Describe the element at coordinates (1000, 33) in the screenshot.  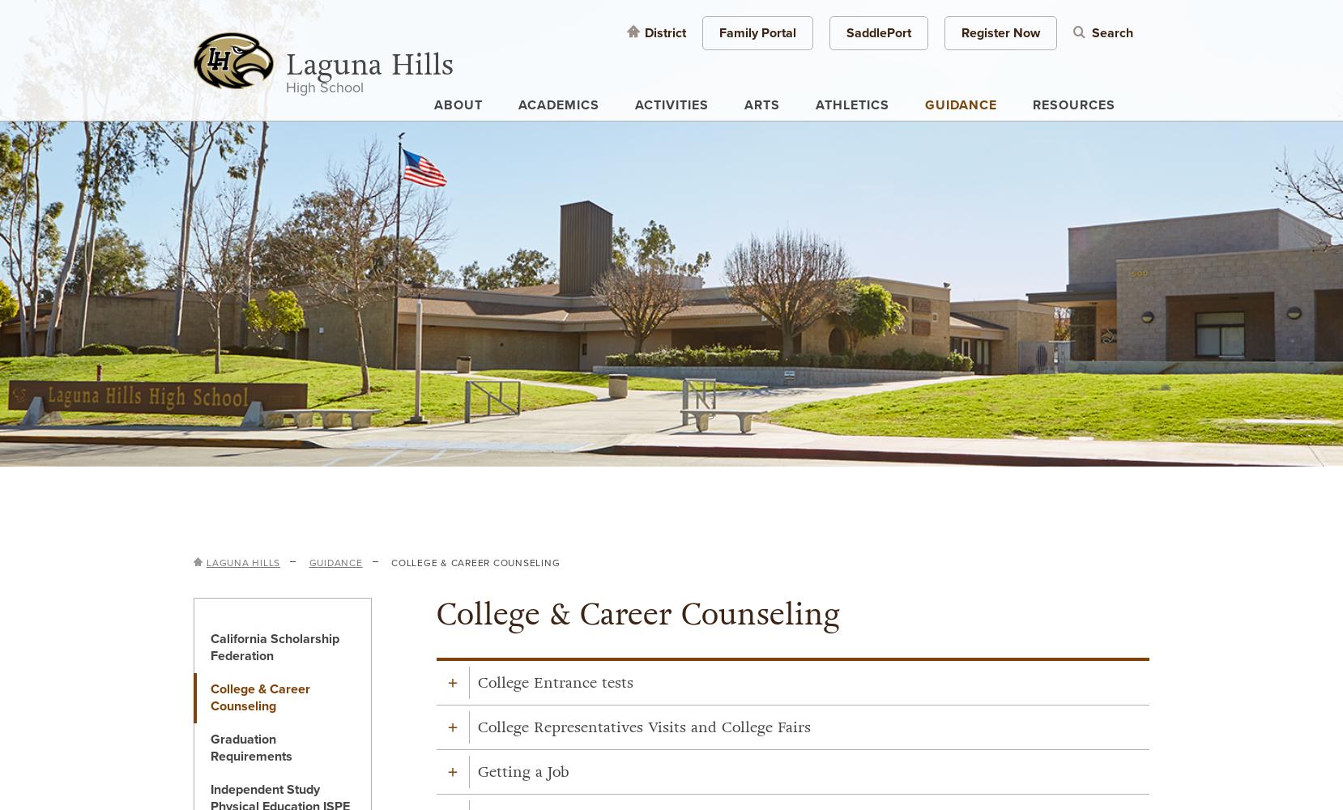
I see `'Register Now'` at that location.